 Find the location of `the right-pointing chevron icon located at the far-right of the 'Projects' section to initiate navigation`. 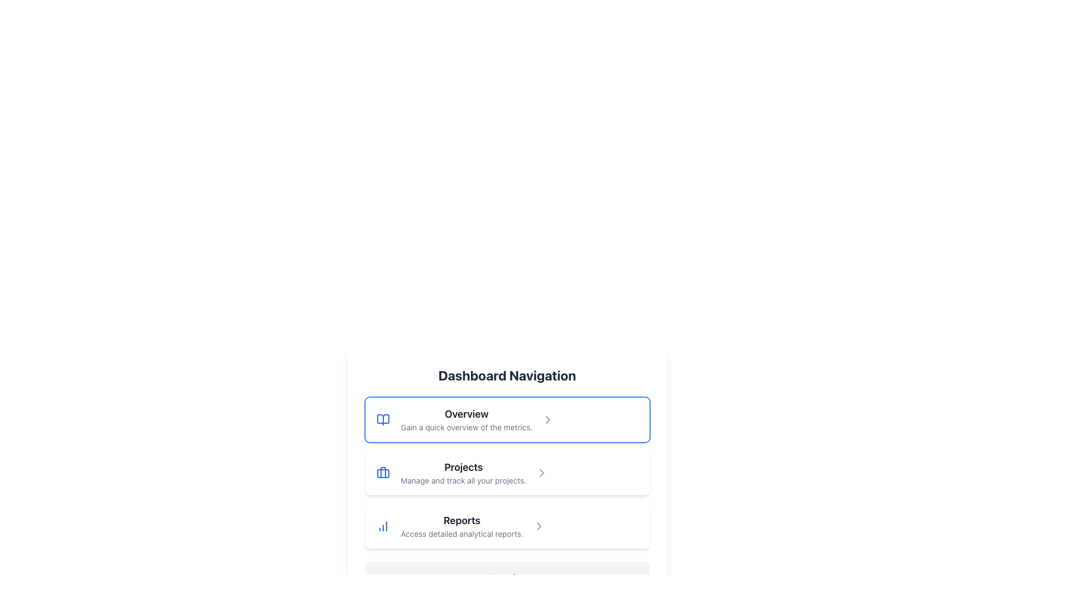

the right-pointing chevron icon located at the far-right of the 'Projects' section to initiate navigation is located at coordinates (542, 473).